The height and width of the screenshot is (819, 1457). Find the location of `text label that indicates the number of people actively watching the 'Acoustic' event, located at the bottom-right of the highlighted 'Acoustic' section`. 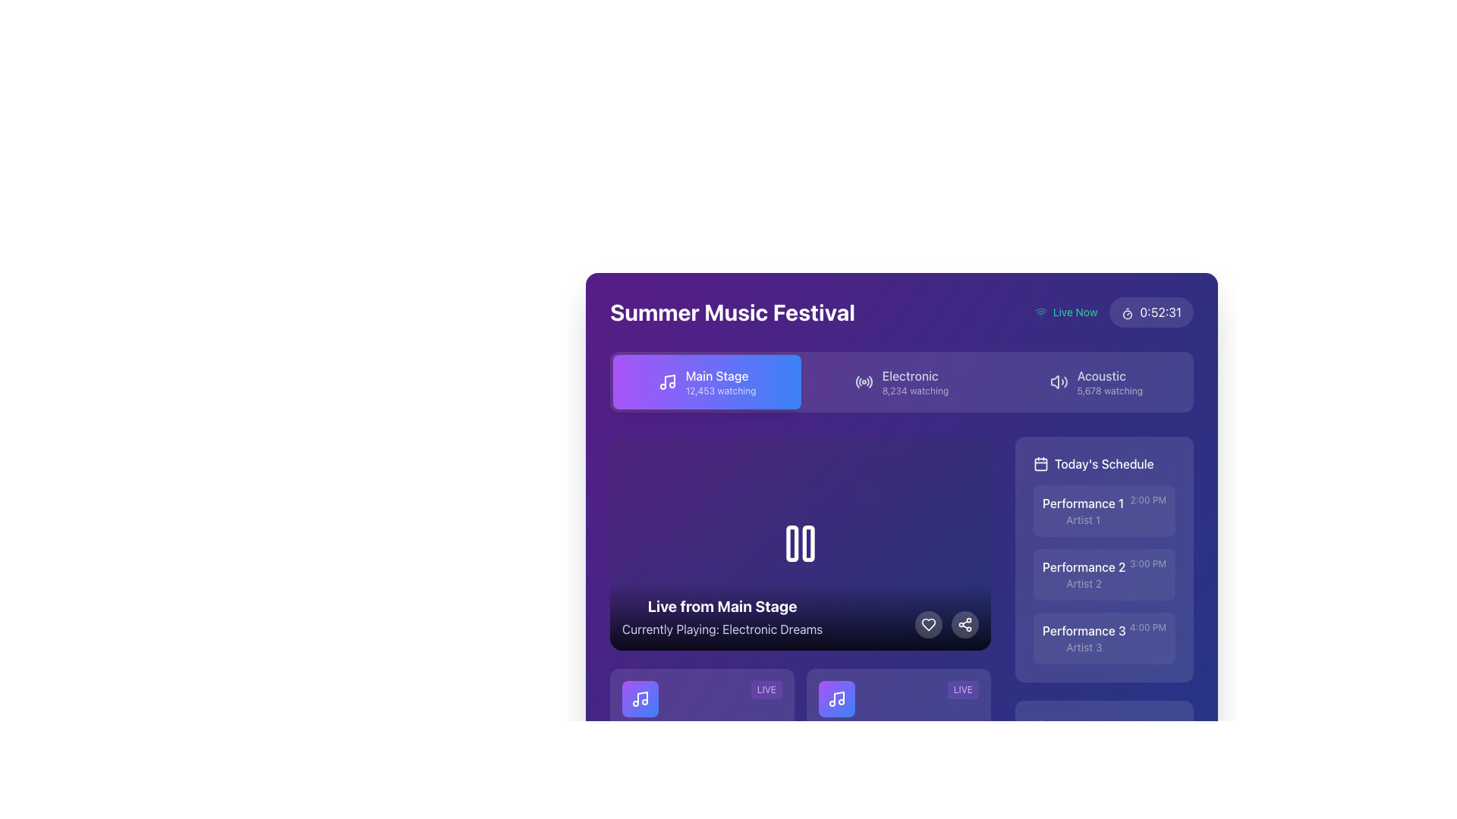

text label that indicates the number of people actively watching the 'Acoustic' event, located at the bottom-right of the highlighted 'Acoustic' section is located at coordinates (1109, 391).